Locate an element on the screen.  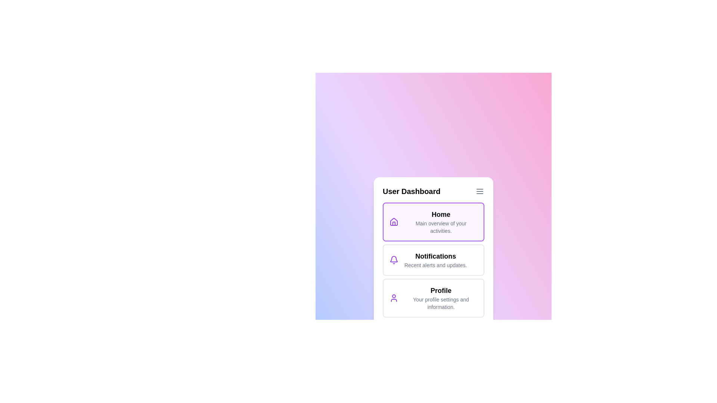
the menu item corresponding to Profile is located at coordinates (434, 297).